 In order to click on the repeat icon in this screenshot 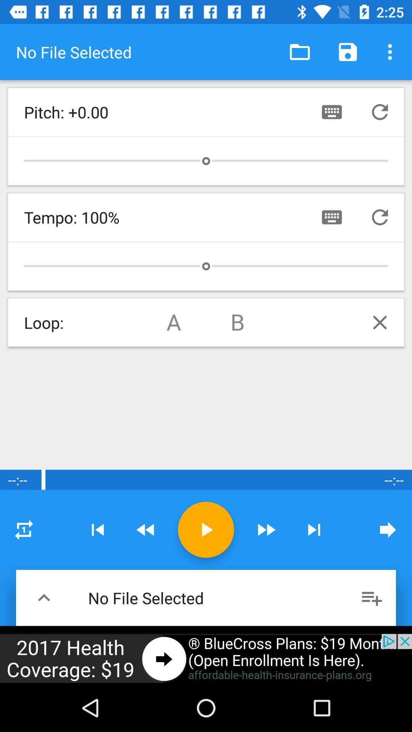, I will do `click(23, 529)`.